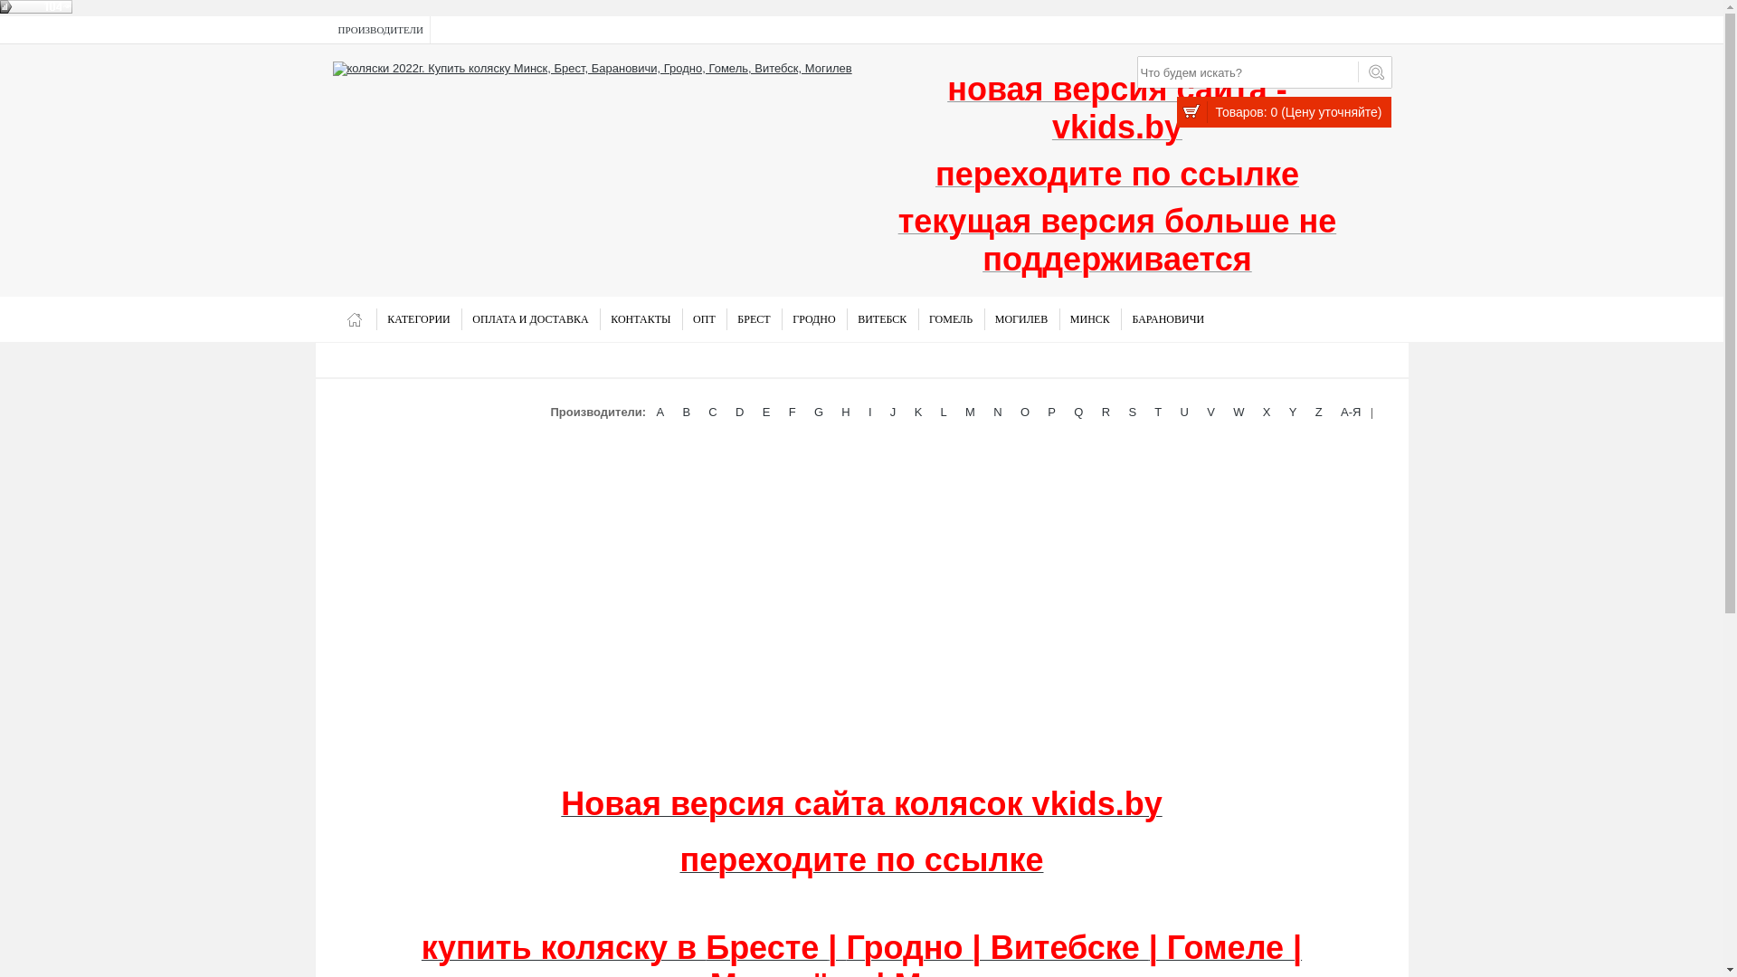 The height and width of the screenshot is (977, 1737). Describe the element at coordinates (739, 412) in the screenshot. I see `'D'` at that location.